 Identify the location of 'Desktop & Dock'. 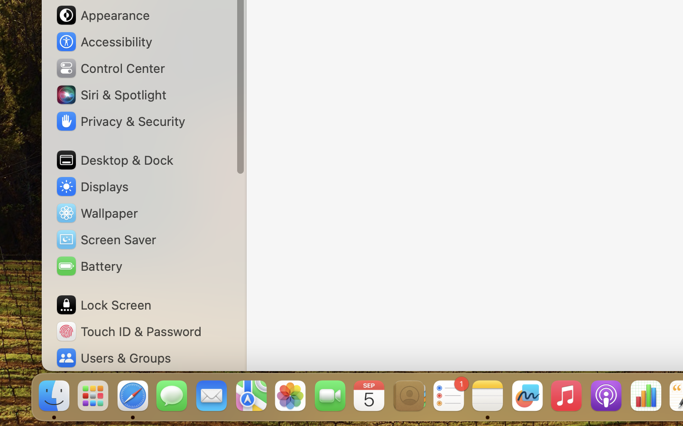
(114, 160).